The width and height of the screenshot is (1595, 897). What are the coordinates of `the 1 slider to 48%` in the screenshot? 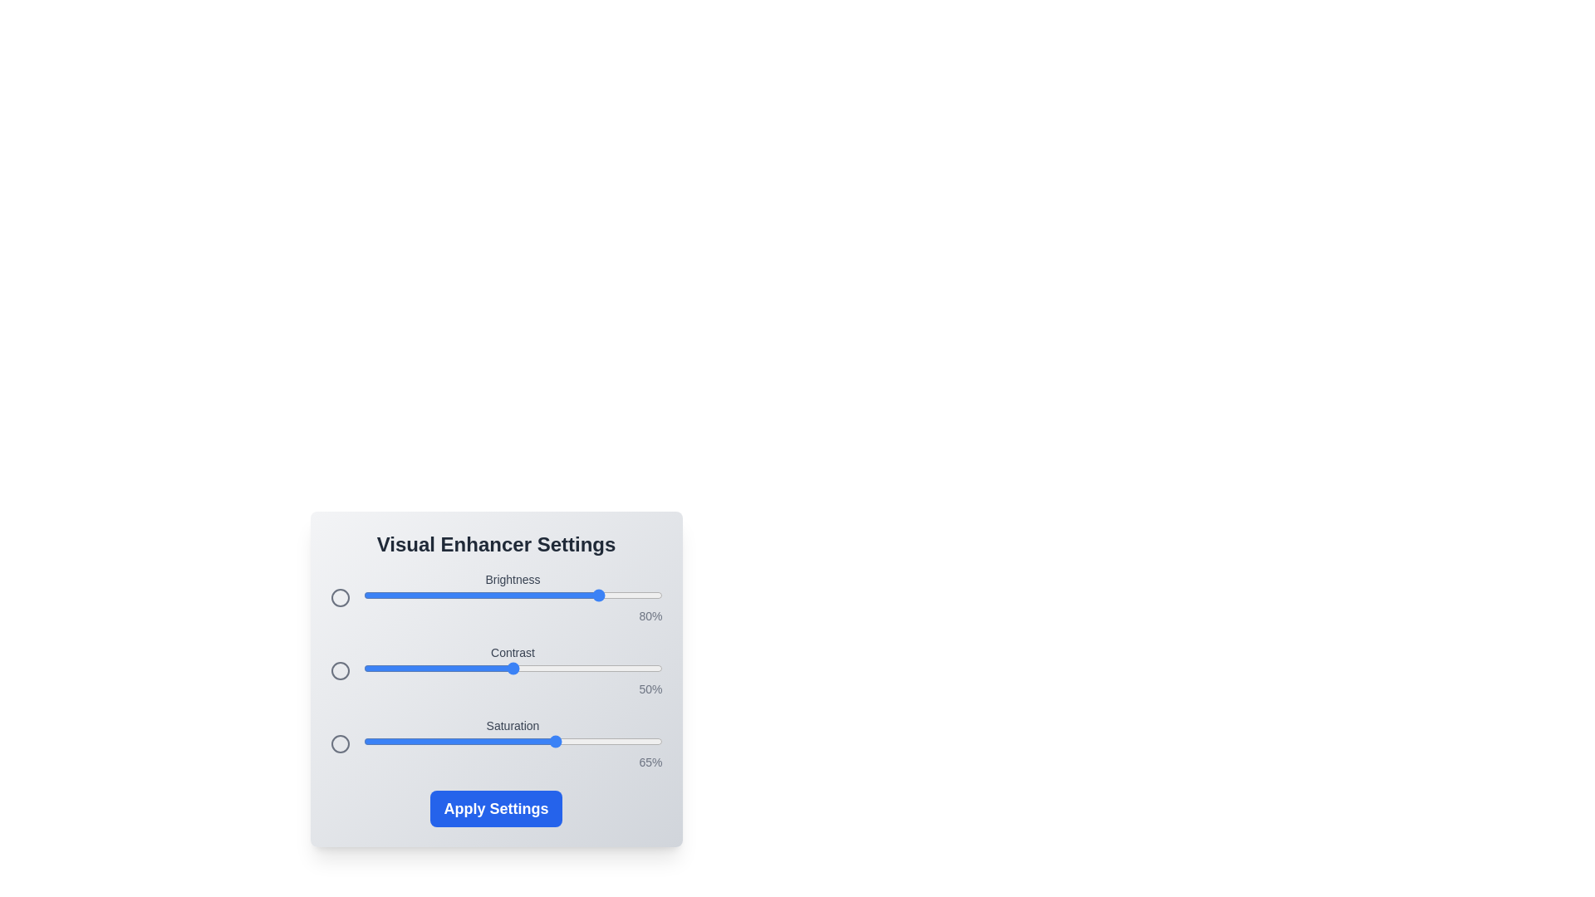 It's located at (506, 668).